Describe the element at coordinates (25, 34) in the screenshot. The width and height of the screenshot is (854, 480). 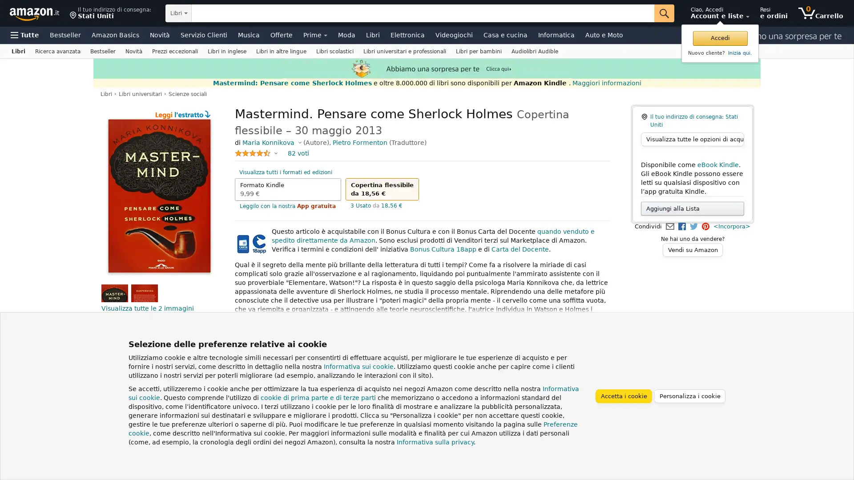
I see `Apri menu` at that location.